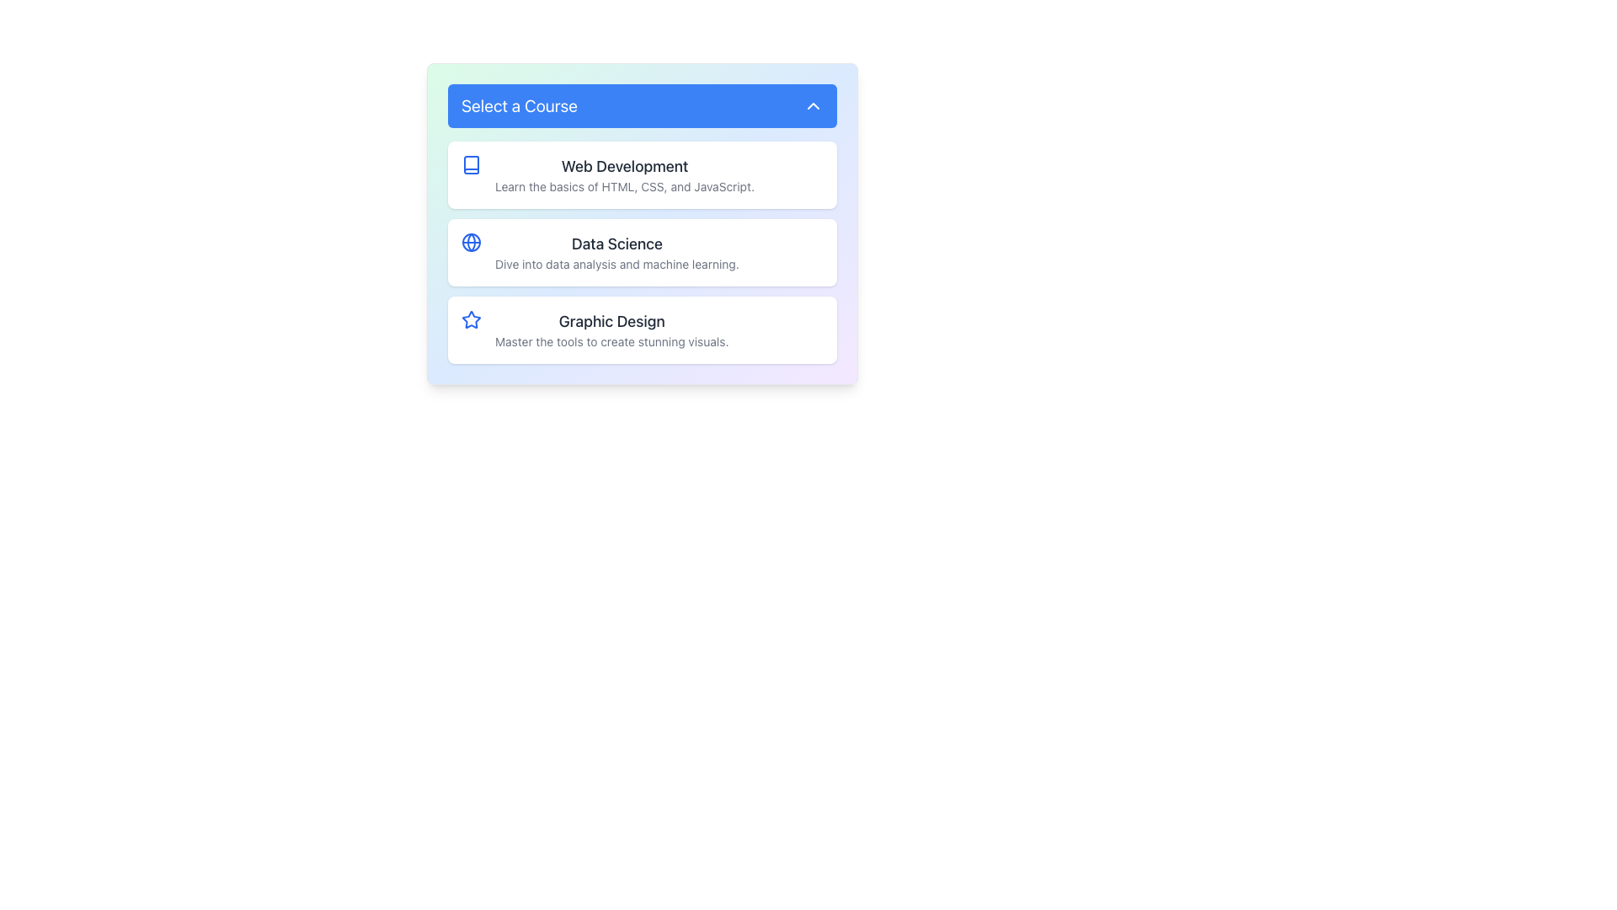 The width and height of the screenshot is (1617, 910). I want to click on the Text Section that provides an overview of the 'Data Science' course, which is the second item in the vertical list of course options, so click(616, 253).